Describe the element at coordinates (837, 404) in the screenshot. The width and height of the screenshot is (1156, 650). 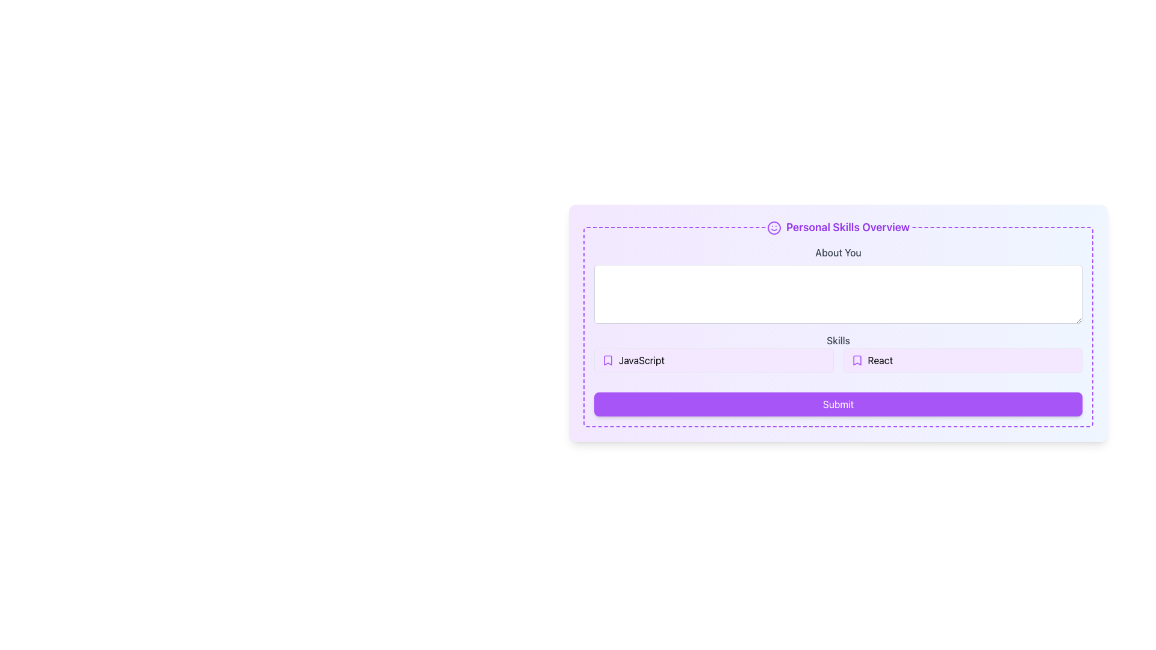
I see `the 'Submit' button, which is a rectangular button with white text on a purple background, located at the bottom of the form section labeled 'Skills'` at that location.